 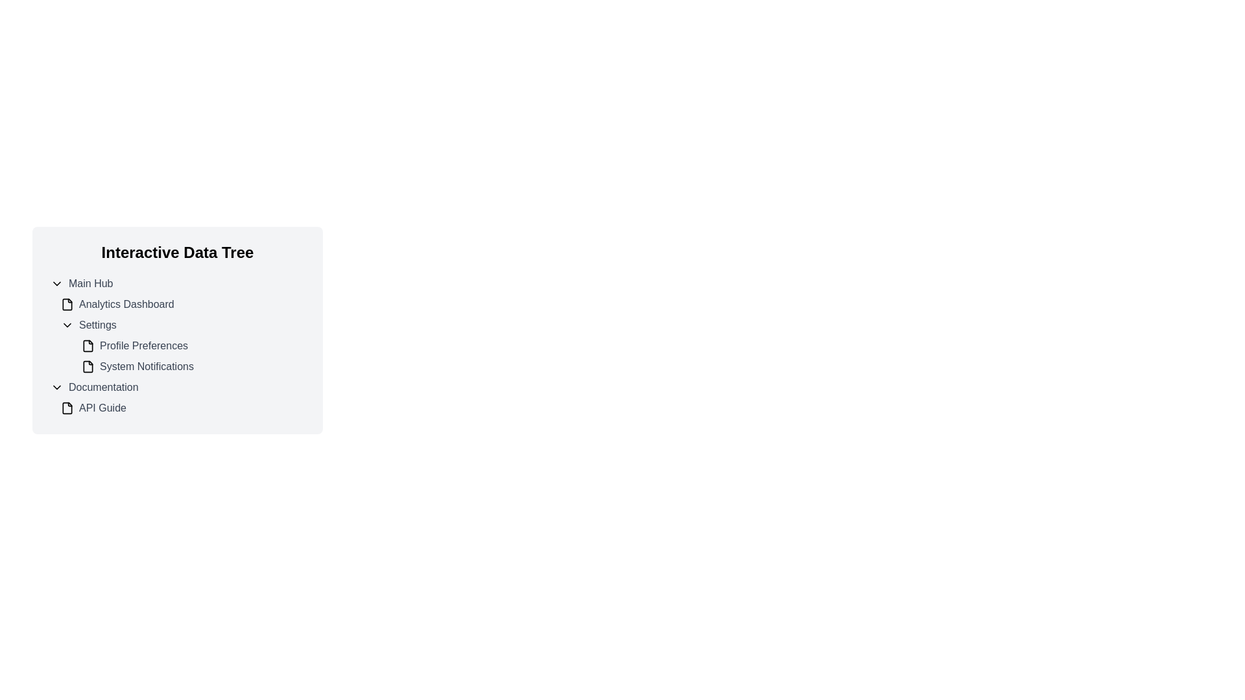 What do you see at coordinates (182, 407) in the screenshot?
I see `the first navigational list item under the 'Documentation' section in the 'Interactive Data Tree' component located in the left sidebar` at bounding box center [182, 407].